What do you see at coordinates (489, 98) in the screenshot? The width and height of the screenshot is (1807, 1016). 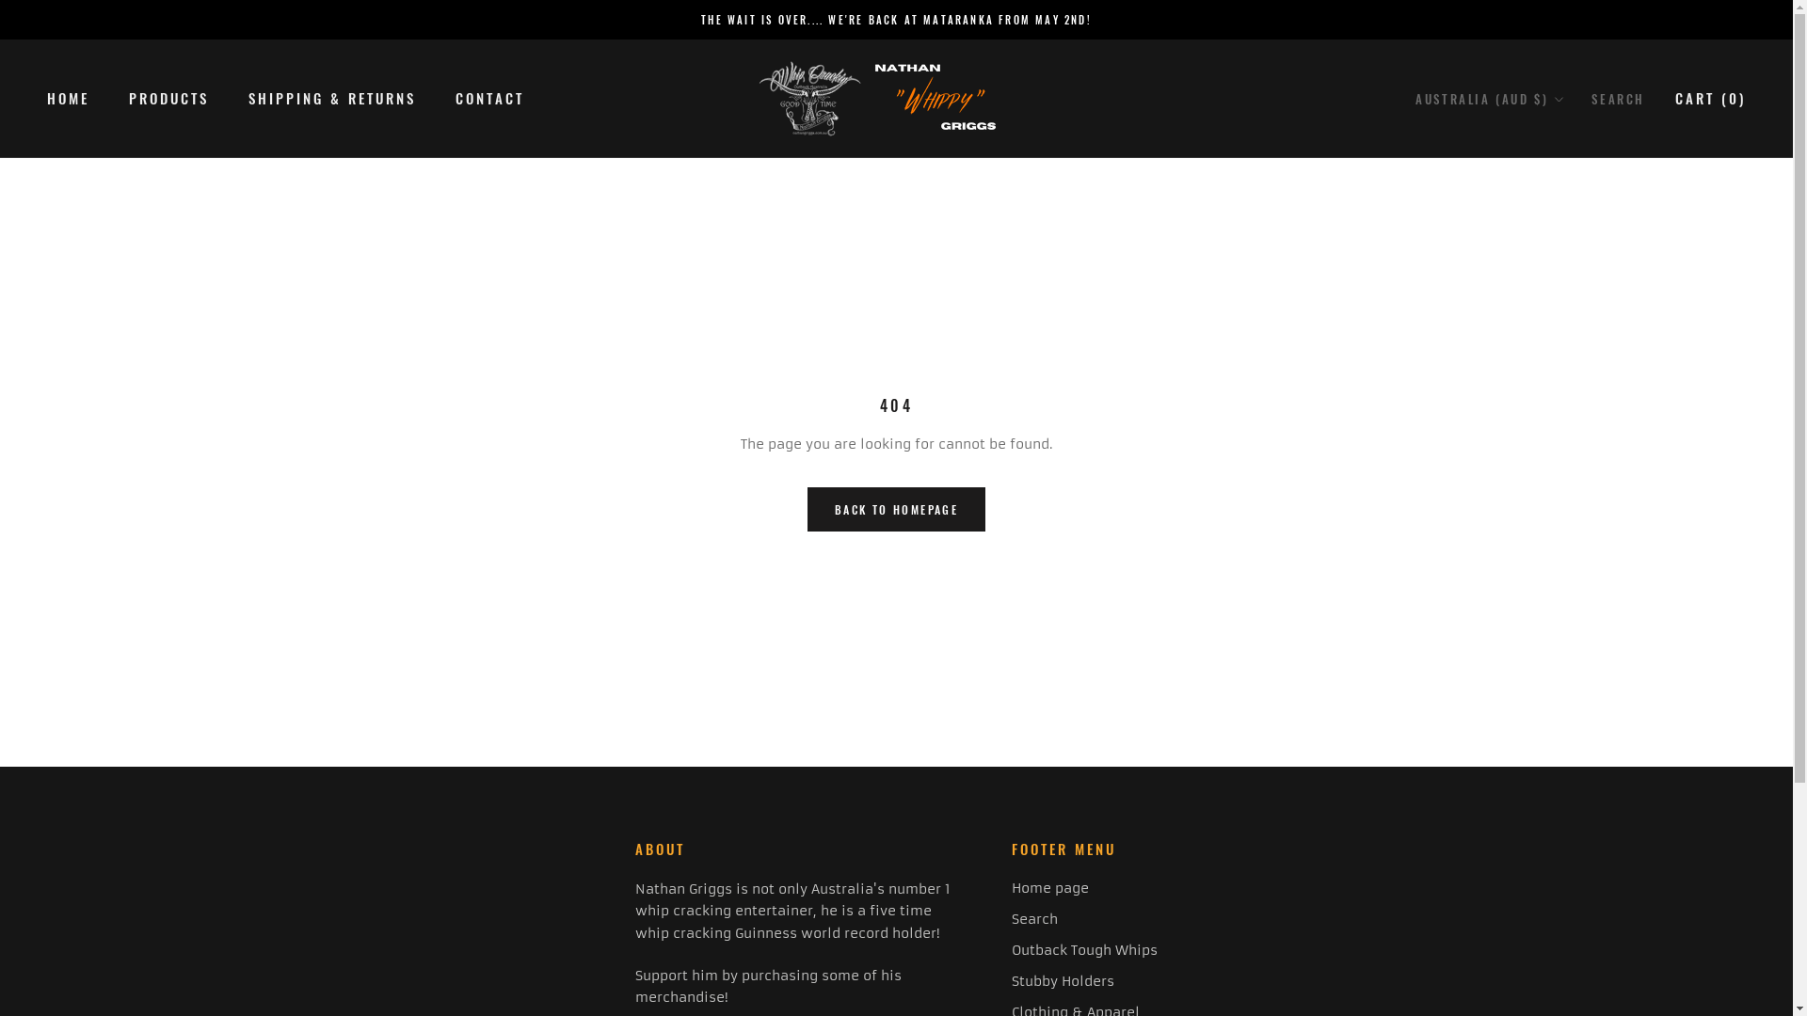 I see `'CONTACT` at bounding box center [489, 98].